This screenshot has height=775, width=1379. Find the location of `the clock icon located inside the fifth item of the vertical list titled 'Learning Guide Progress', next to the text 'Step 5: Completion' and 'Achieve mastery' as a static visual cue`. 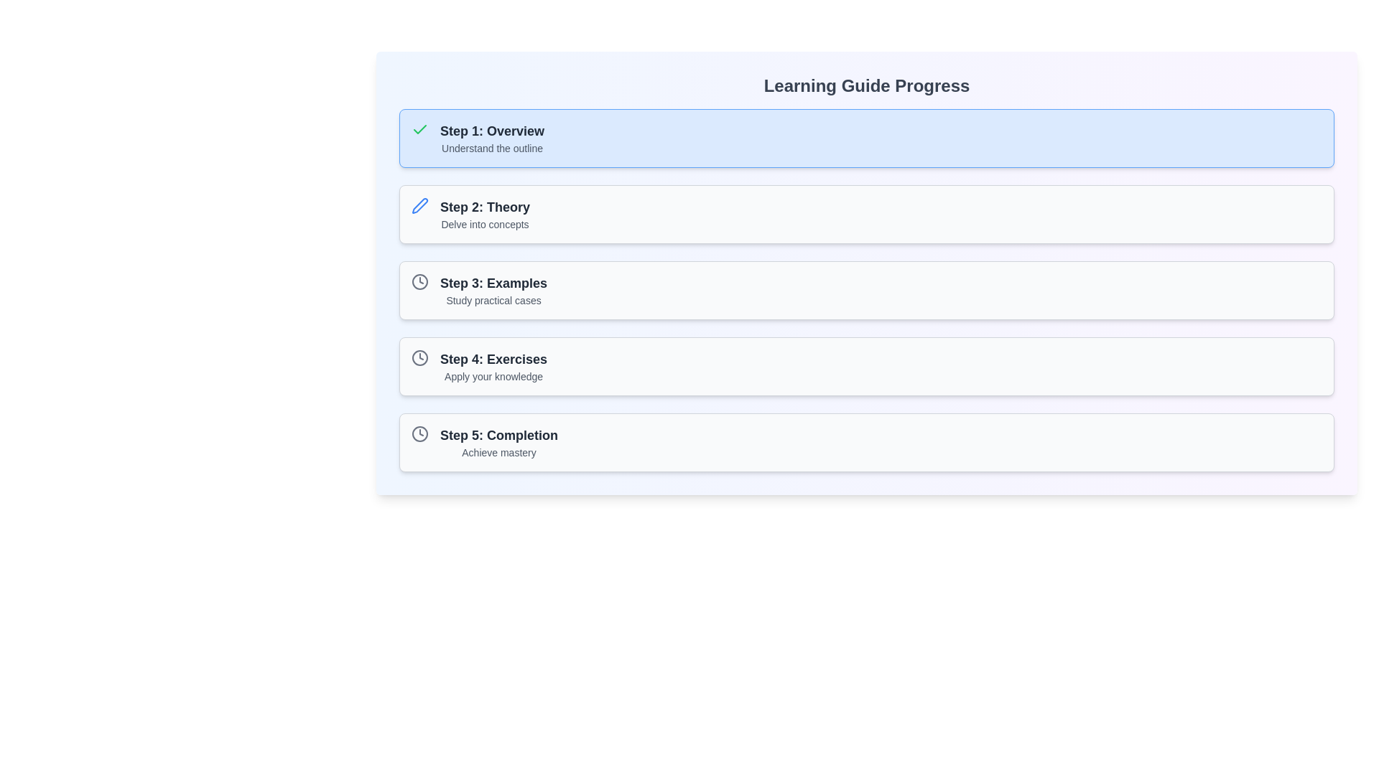

the clock icon located inside the fifth item of the vertical list titled 'Learning Guide Progress', next to the text 'Step 5: Completion' and 'Achieve mastery' as a static visual cue is located at coordinates (419, 433).